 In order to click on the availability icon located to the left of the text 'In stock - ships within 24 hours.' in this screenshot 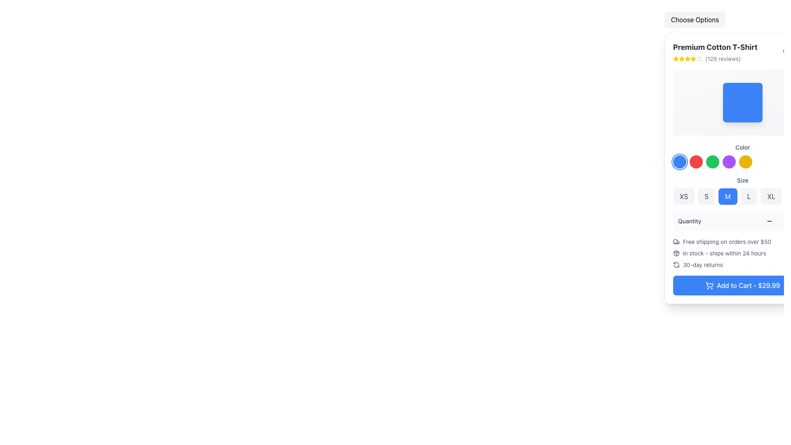, I will do `click(676, 253)`.